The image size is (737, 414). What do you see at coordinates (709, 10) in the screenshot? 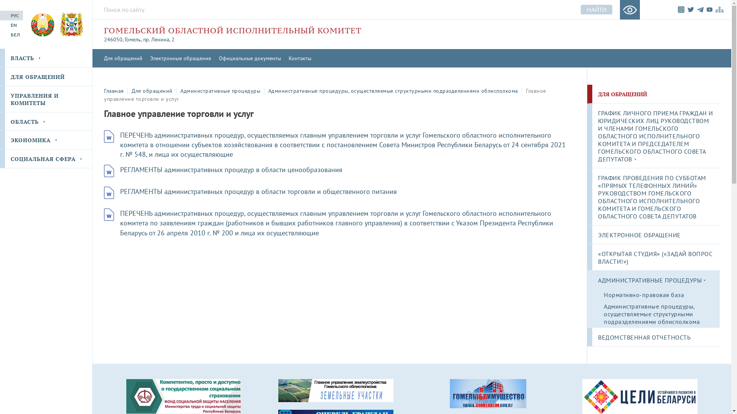
I see `'YouTube'` at bounding box center [709, 10].